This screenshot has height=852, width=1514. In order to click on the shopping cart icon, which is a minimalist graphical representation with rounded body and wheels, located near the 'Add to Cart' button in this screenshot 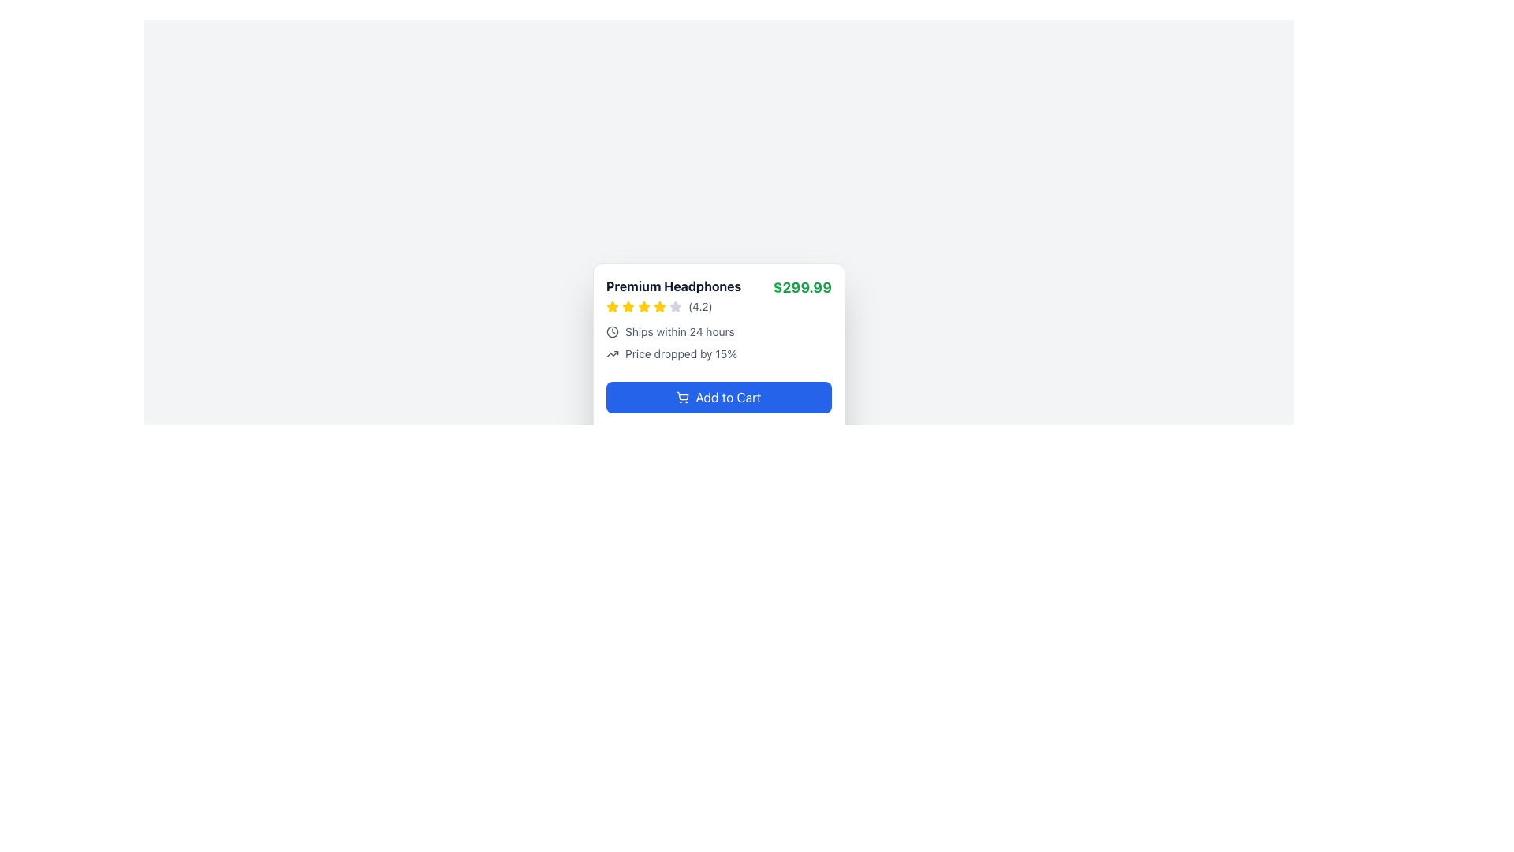, I will do `click(682, 394)`.